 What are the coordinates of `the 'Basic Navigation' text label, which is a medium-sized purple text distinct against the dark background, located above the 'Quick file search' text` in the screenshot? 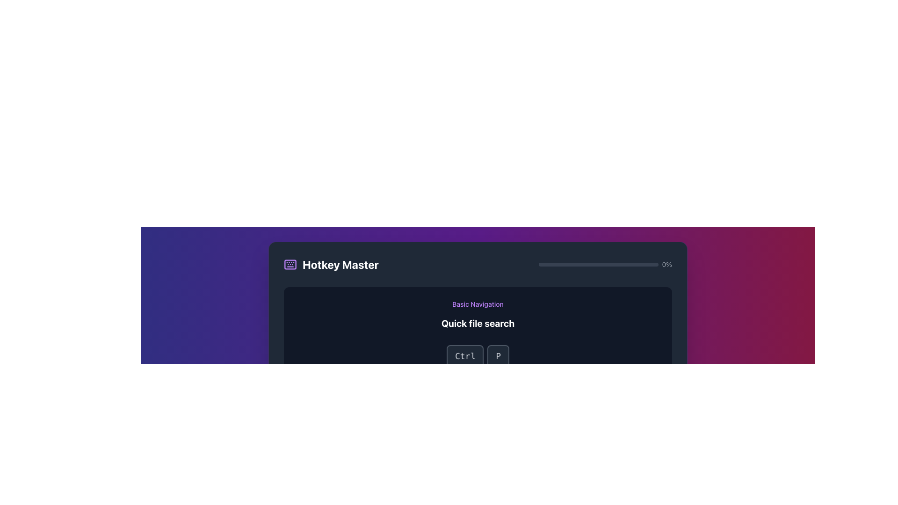 It's located at (478, 304).